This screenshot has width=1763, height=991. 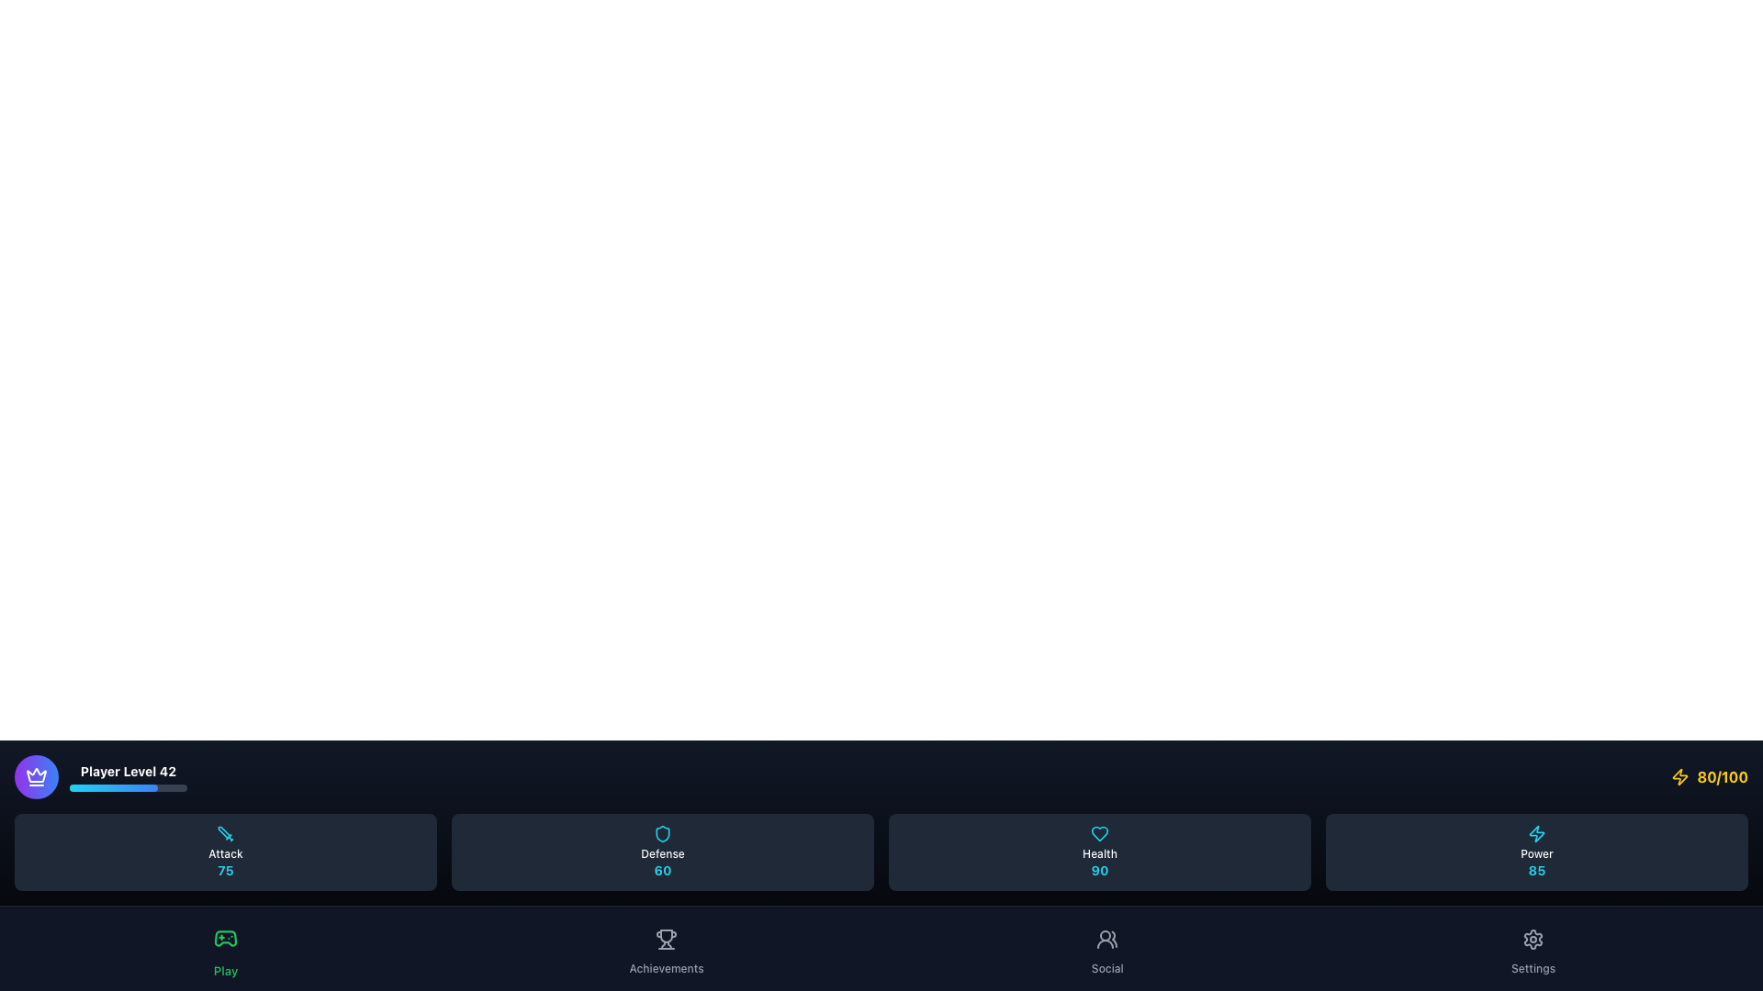 I want to click on 'Social' text label located in the bottom navigation bar, positioned to the rightmost side after 'Achievements' and 'Settings', so click(x=1106, y=968).